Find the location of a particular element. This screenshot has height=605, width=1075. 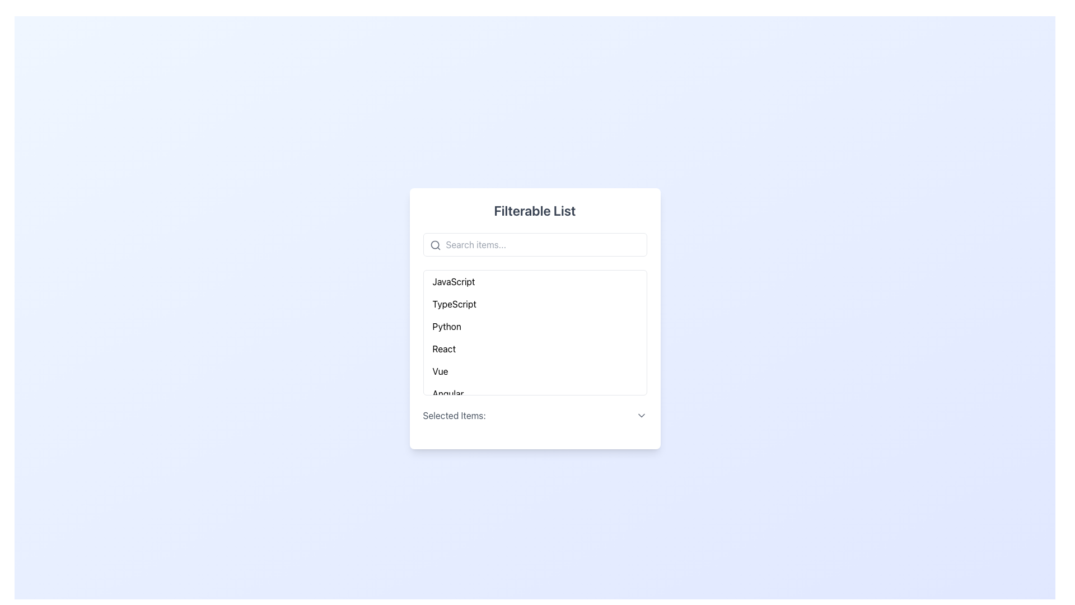

the fifth item in the filterable list titled 'Filterable List', which displays the text 'Vue' is located at coordinates (440, 371).